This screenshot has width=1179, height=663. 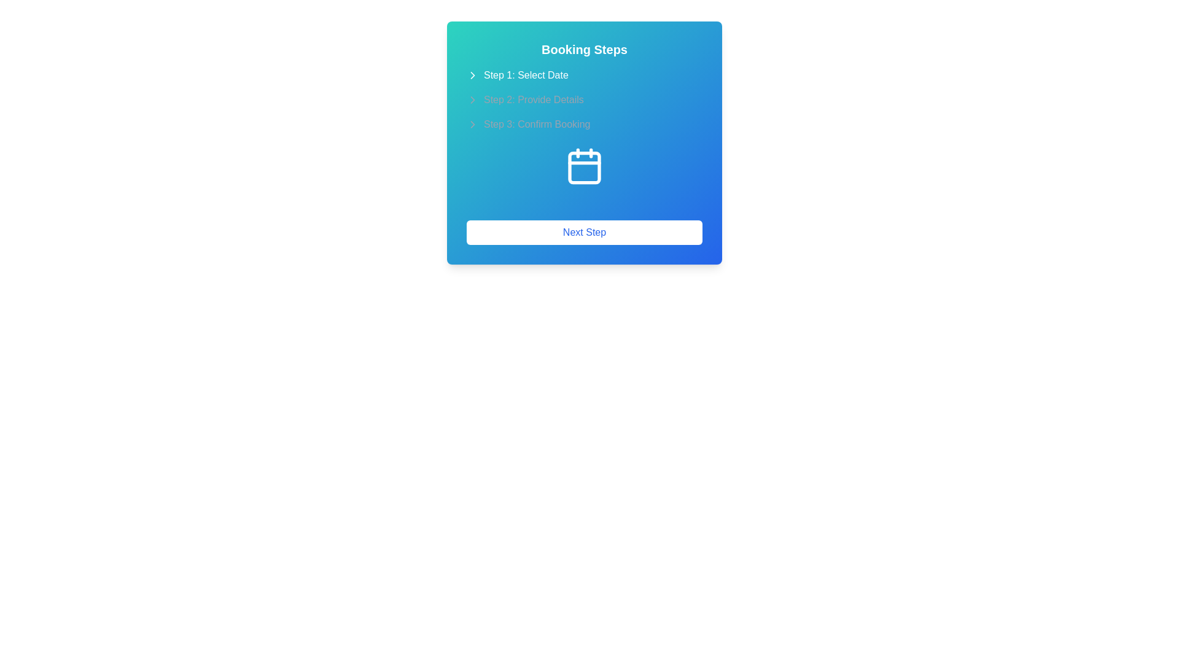 What do you see at coordinates (472, 76) in the screenshot?
I see `the right-pointing chevron icon in the step navigation panel, located to the left of the text 'Step 1: Select Date.'` at bounding box center [472, 76].